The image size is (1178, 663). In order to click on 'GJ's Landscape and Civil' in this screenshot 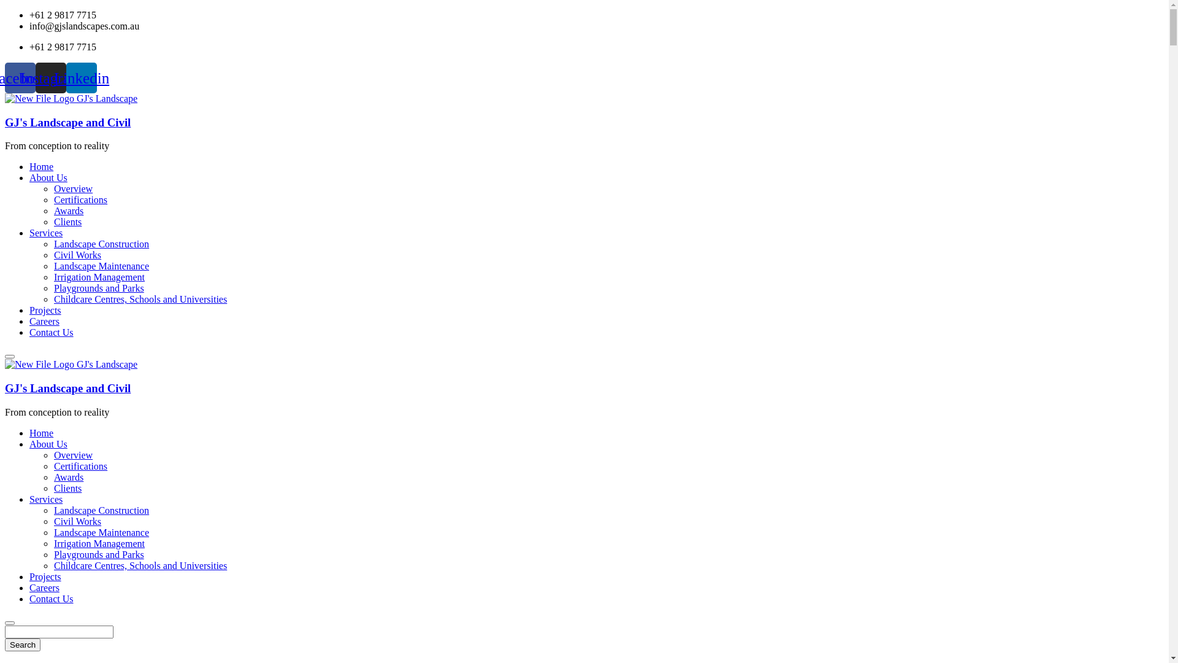, I will do `click(70, 98)`.